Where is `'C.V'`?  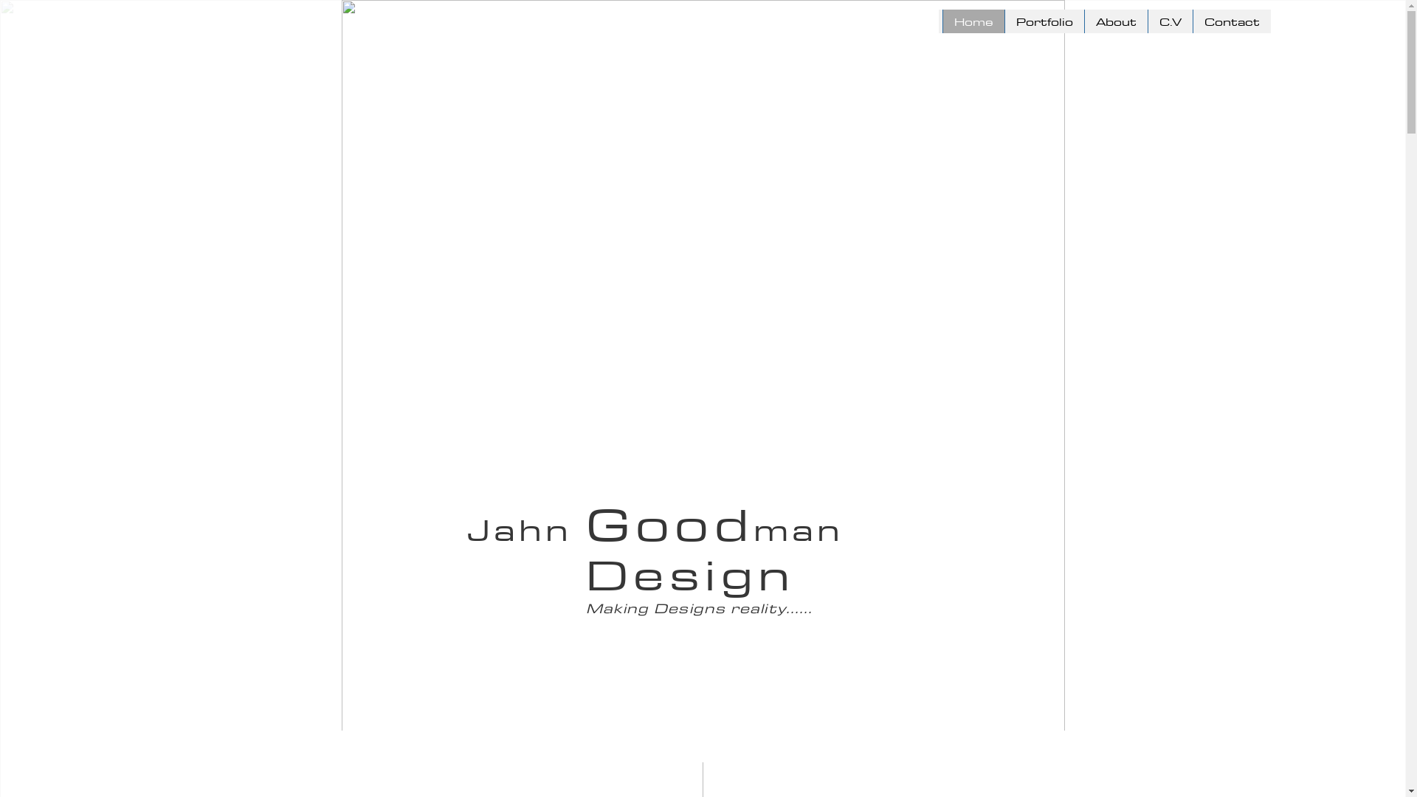
'C.V' is located at coordinates (1168, 21).